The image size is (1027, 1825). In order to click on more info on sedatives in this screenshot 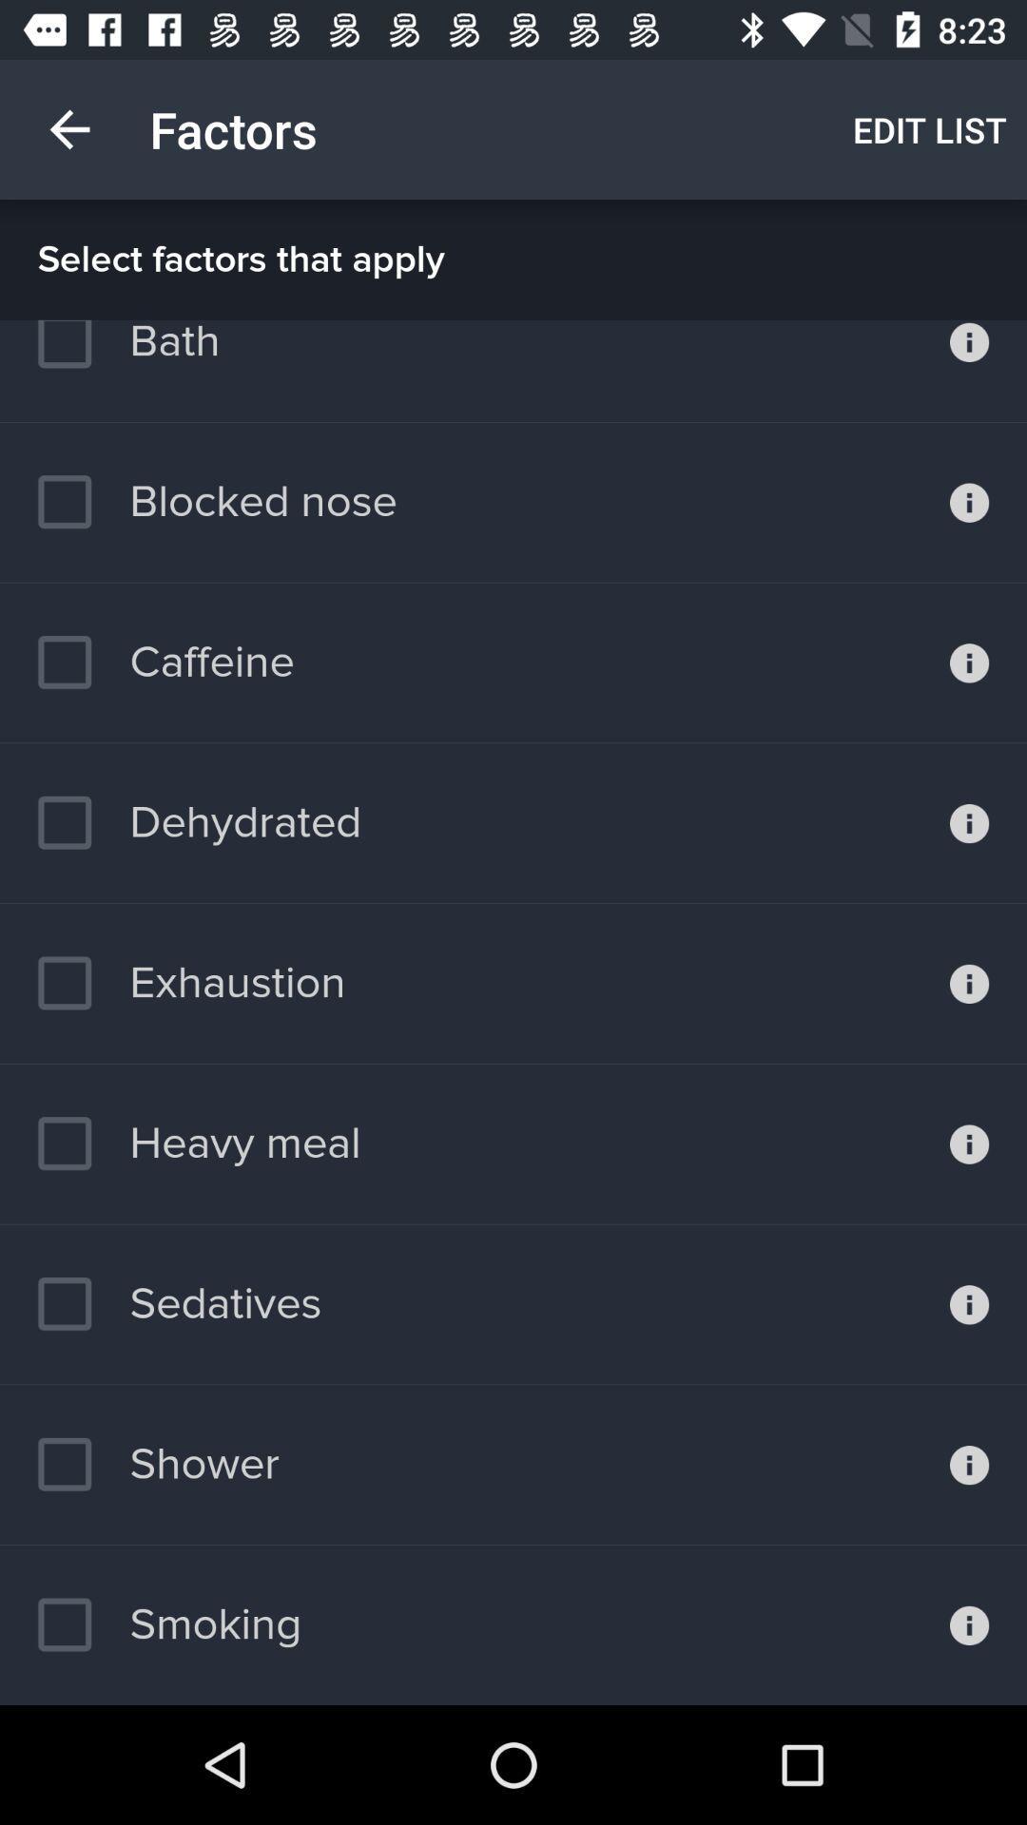, I will do `click(969, 1303)`.